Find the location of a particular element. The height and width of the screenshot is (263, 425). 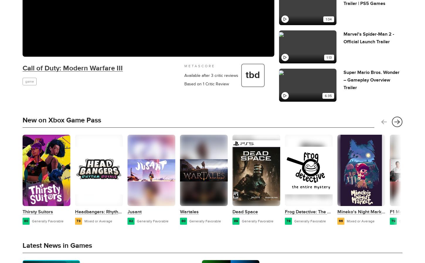

'game' is located at coordinates (25, 81).